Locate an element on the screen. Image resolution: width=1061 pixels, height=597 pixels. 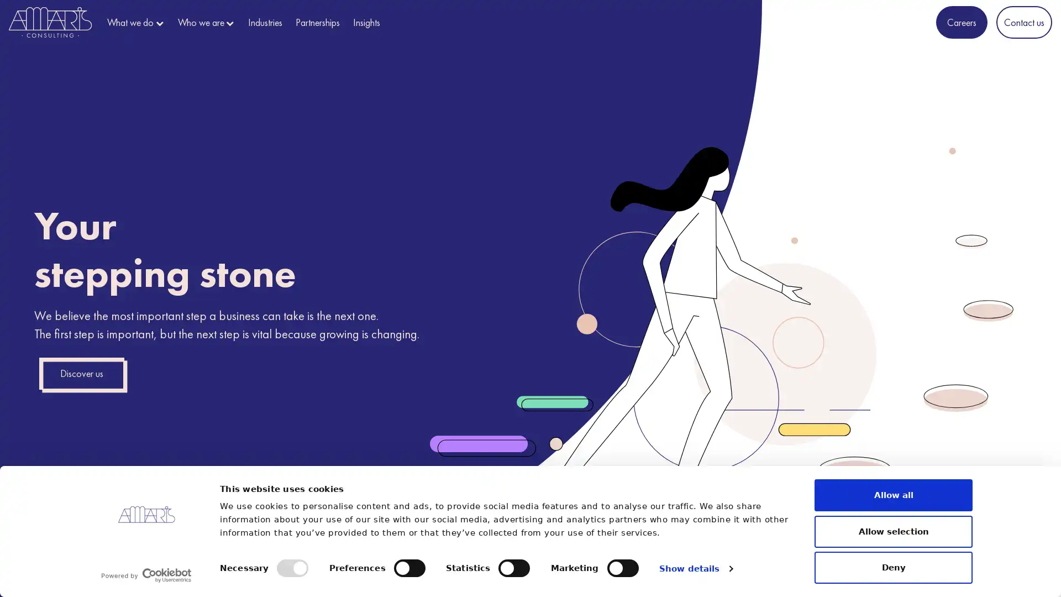
Deny is located at coordinates (894, 567).